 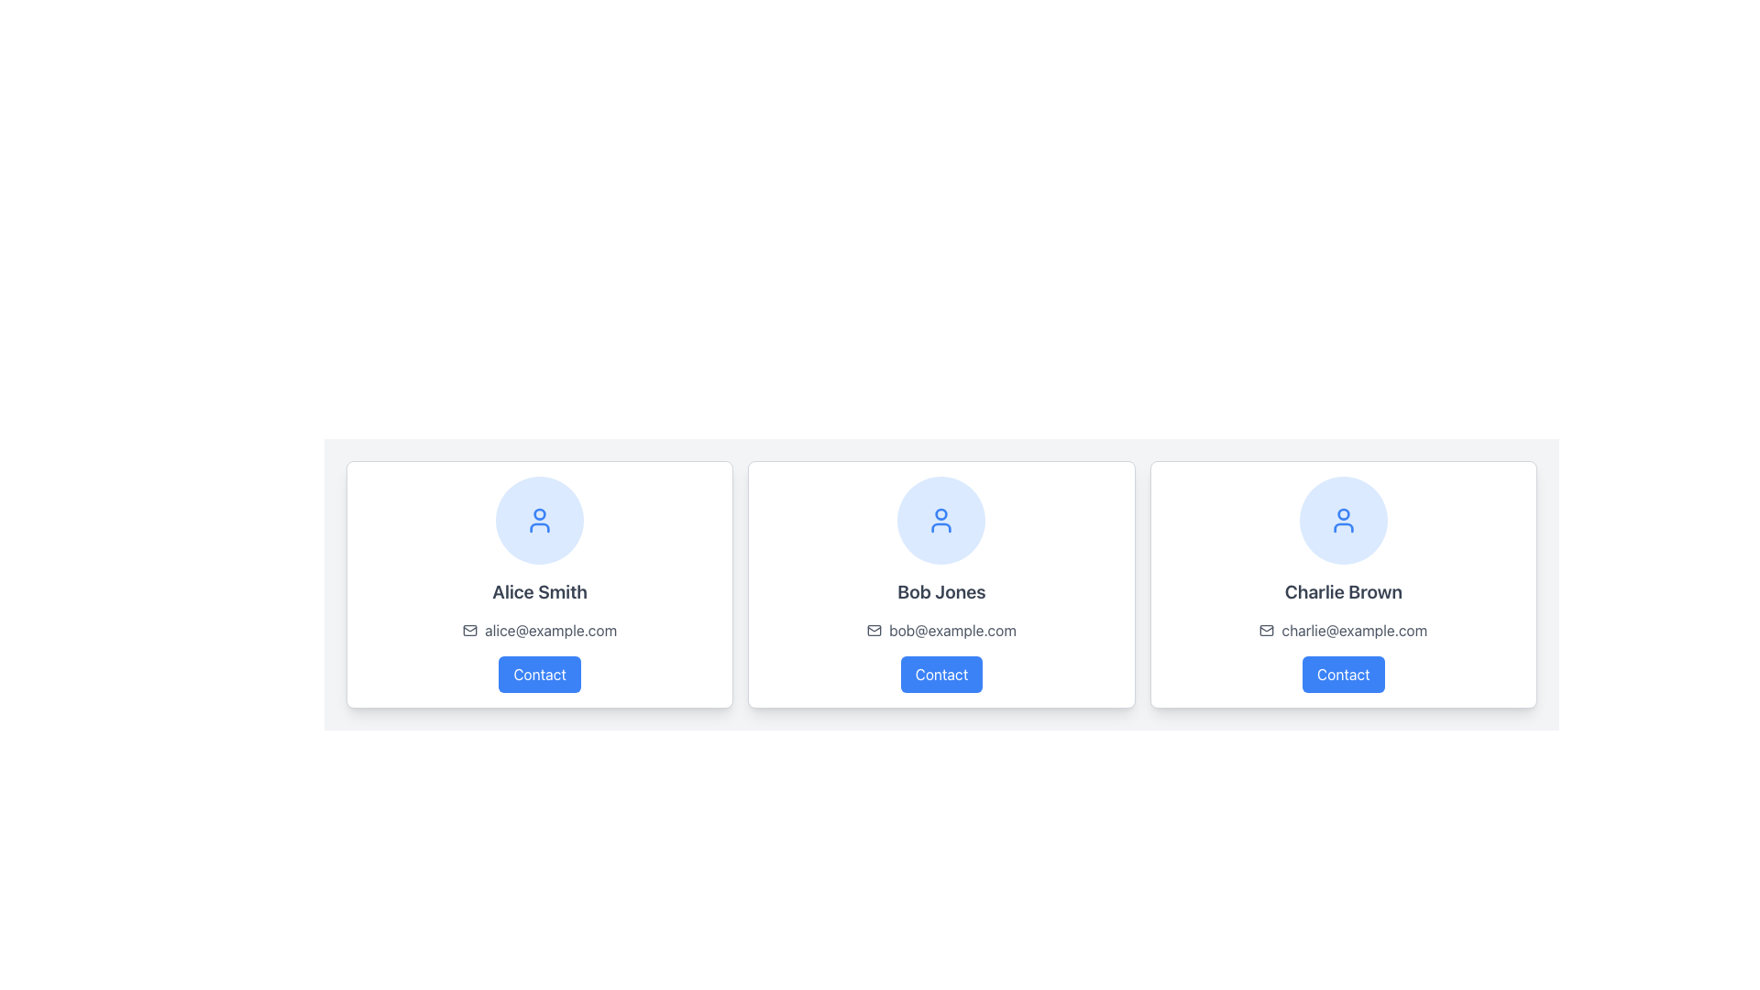 I want to click on the text label displaying the email address 'charlie@example.com', which is located below the profile image of 'Charlie Brown' within the user profile card, so click(x=1354, y=629).